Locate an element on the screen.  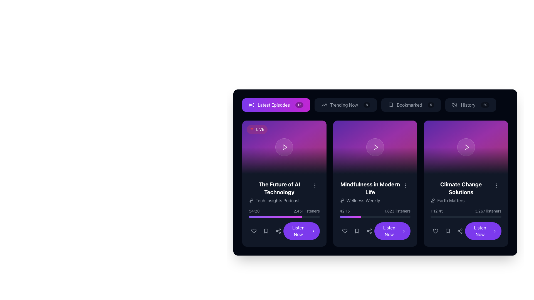
the visual decoration that serves as a non-interactive background gradient at the bottom part of the leftmost card in a horizontally-aligned list of cards is located at coordinates (284, 161).